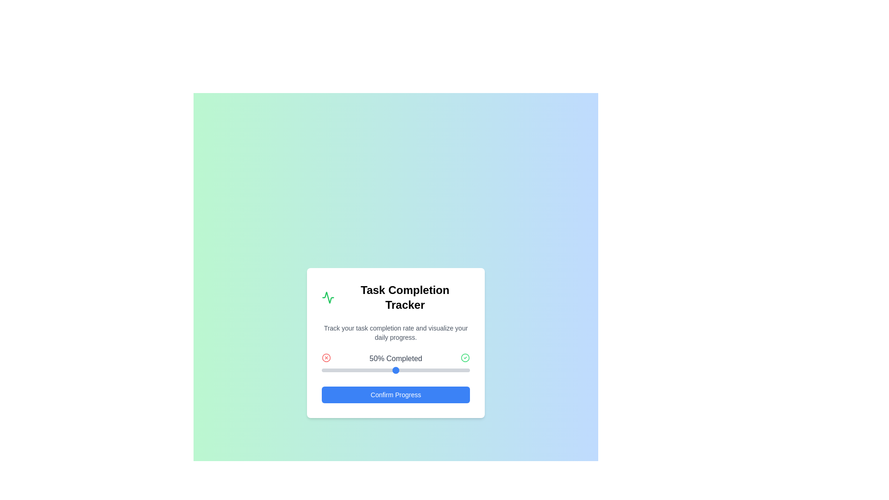 The height and width of the screenshot is (500, 889). I want to click on the progress slider to 37%, so click(376, 369).